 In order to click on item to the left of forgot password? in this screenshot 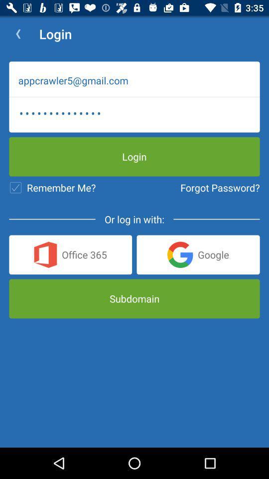, I will do `click(52, 187)`.